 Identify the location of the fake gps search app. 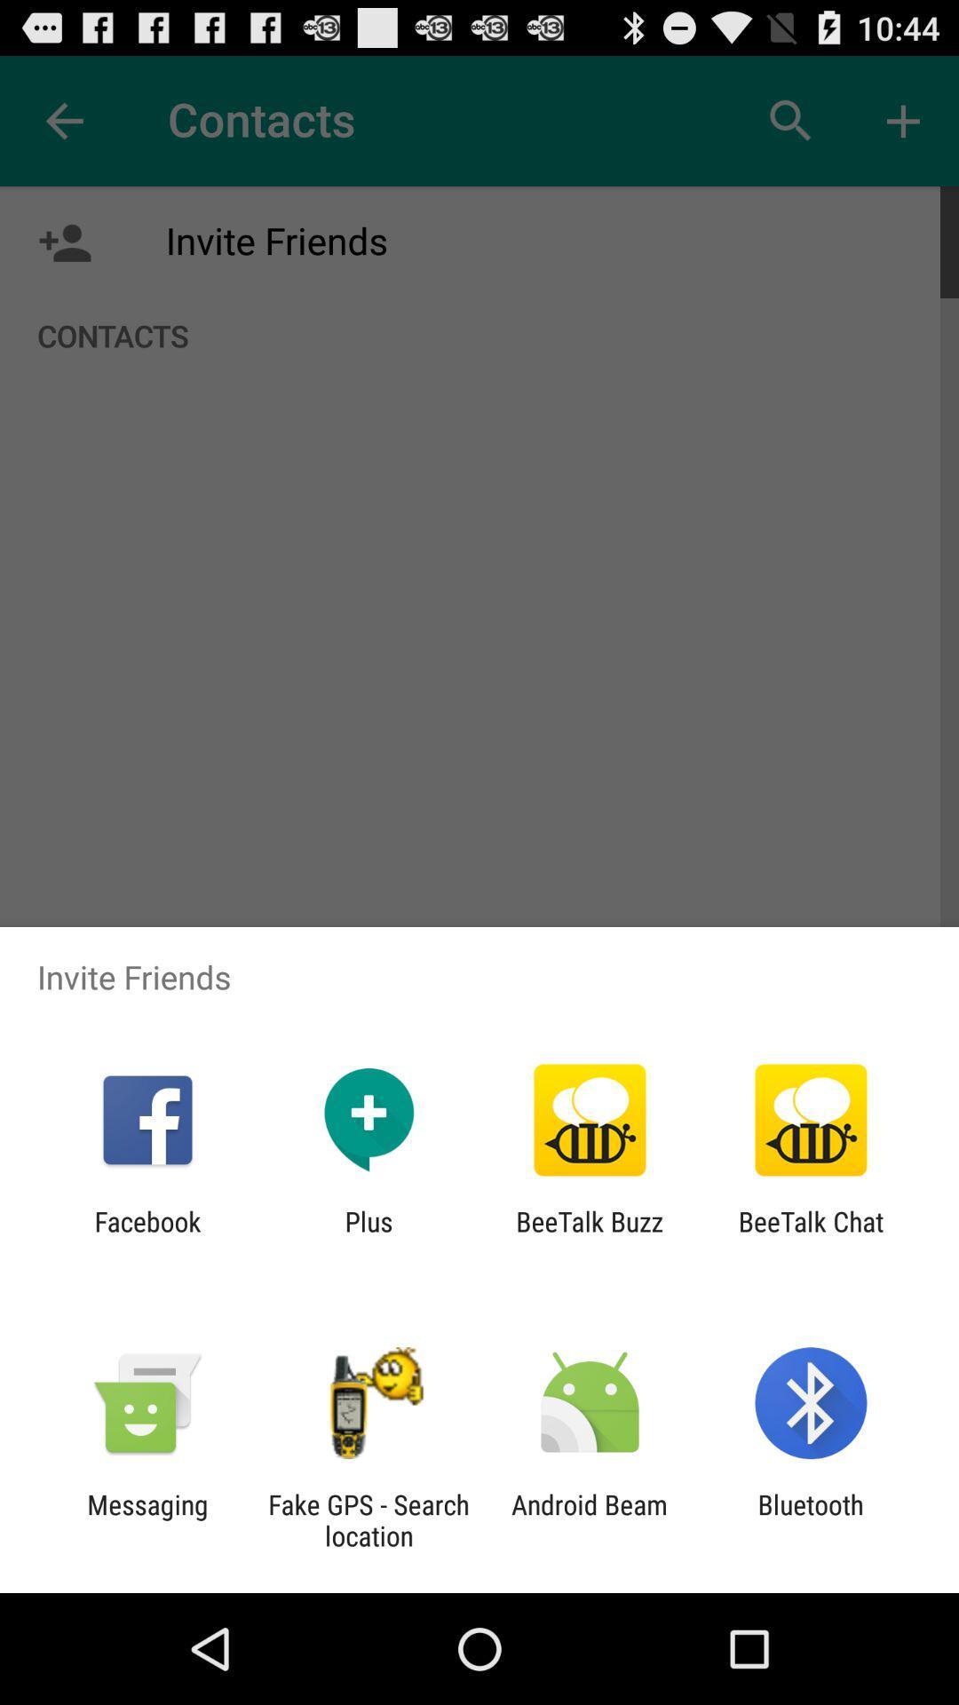
(368, 1519).